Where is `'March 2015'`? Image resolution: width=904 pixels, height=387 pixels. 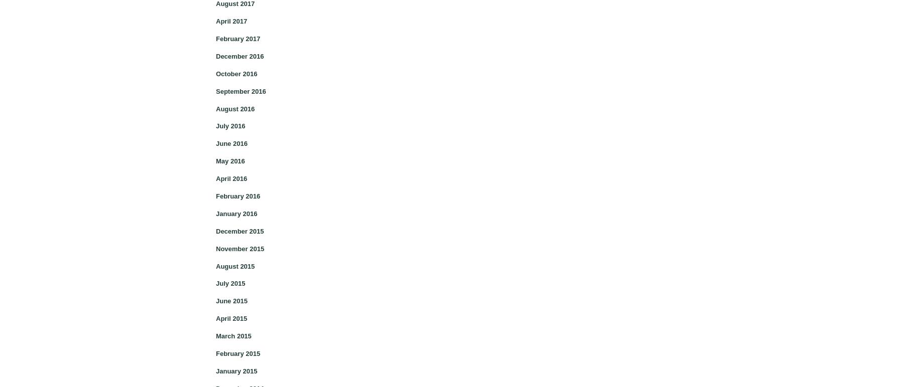 'March 2015' is located at coordinates (233, 336).